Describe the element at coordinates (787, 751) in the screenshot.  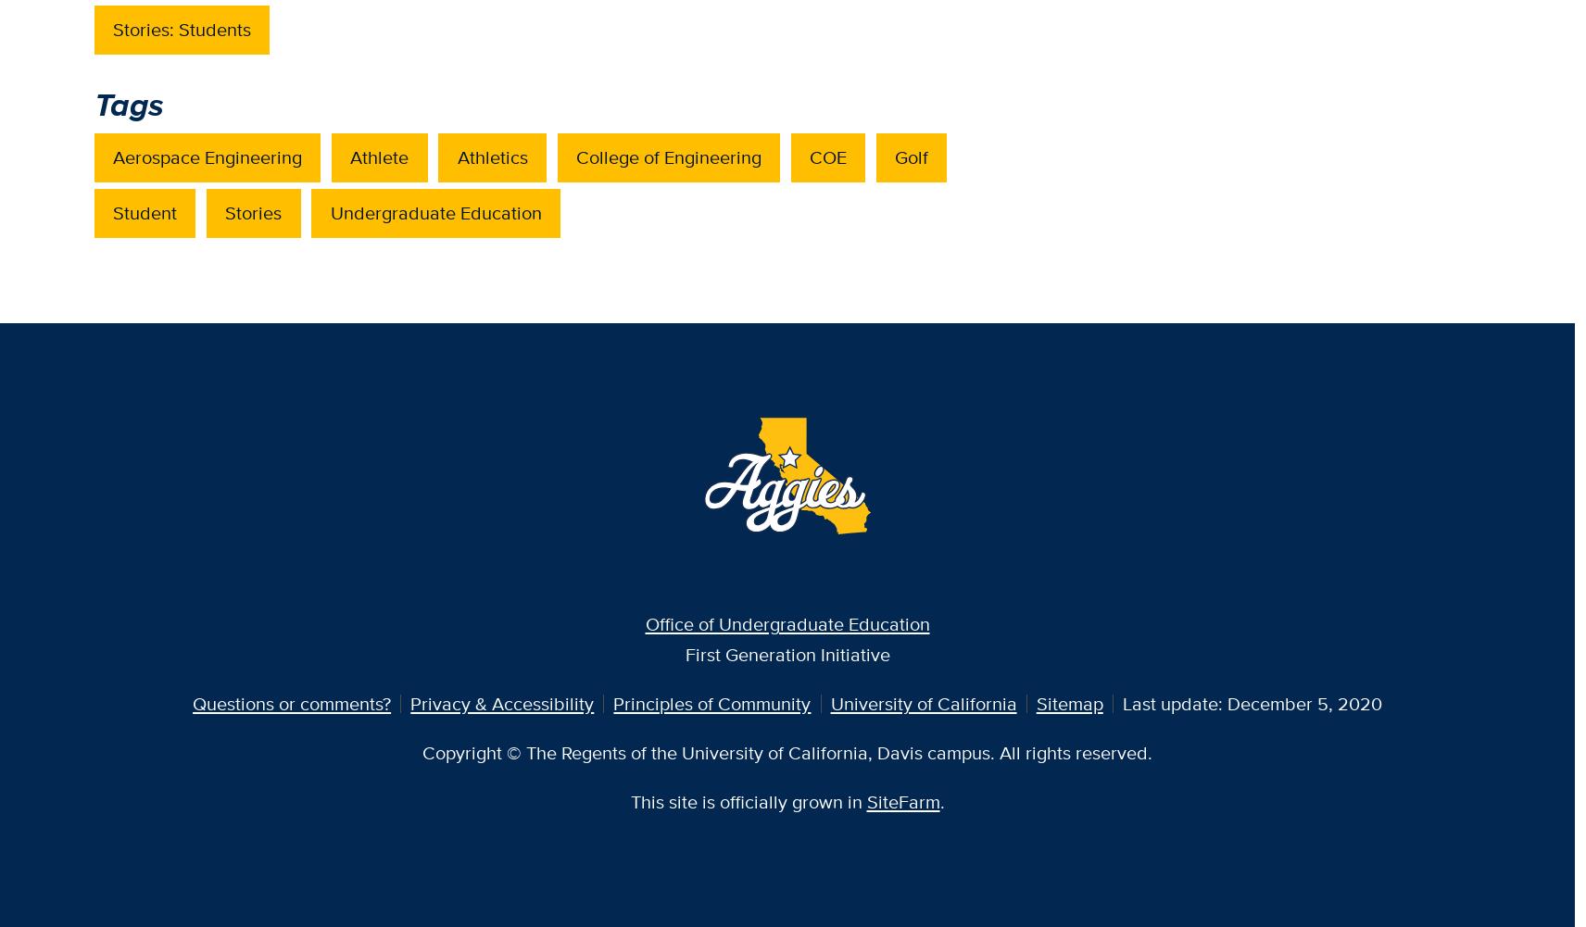
I see `'Copyright © The Regents of the University of California, Davis campus. All rights reserved.'` at that location.